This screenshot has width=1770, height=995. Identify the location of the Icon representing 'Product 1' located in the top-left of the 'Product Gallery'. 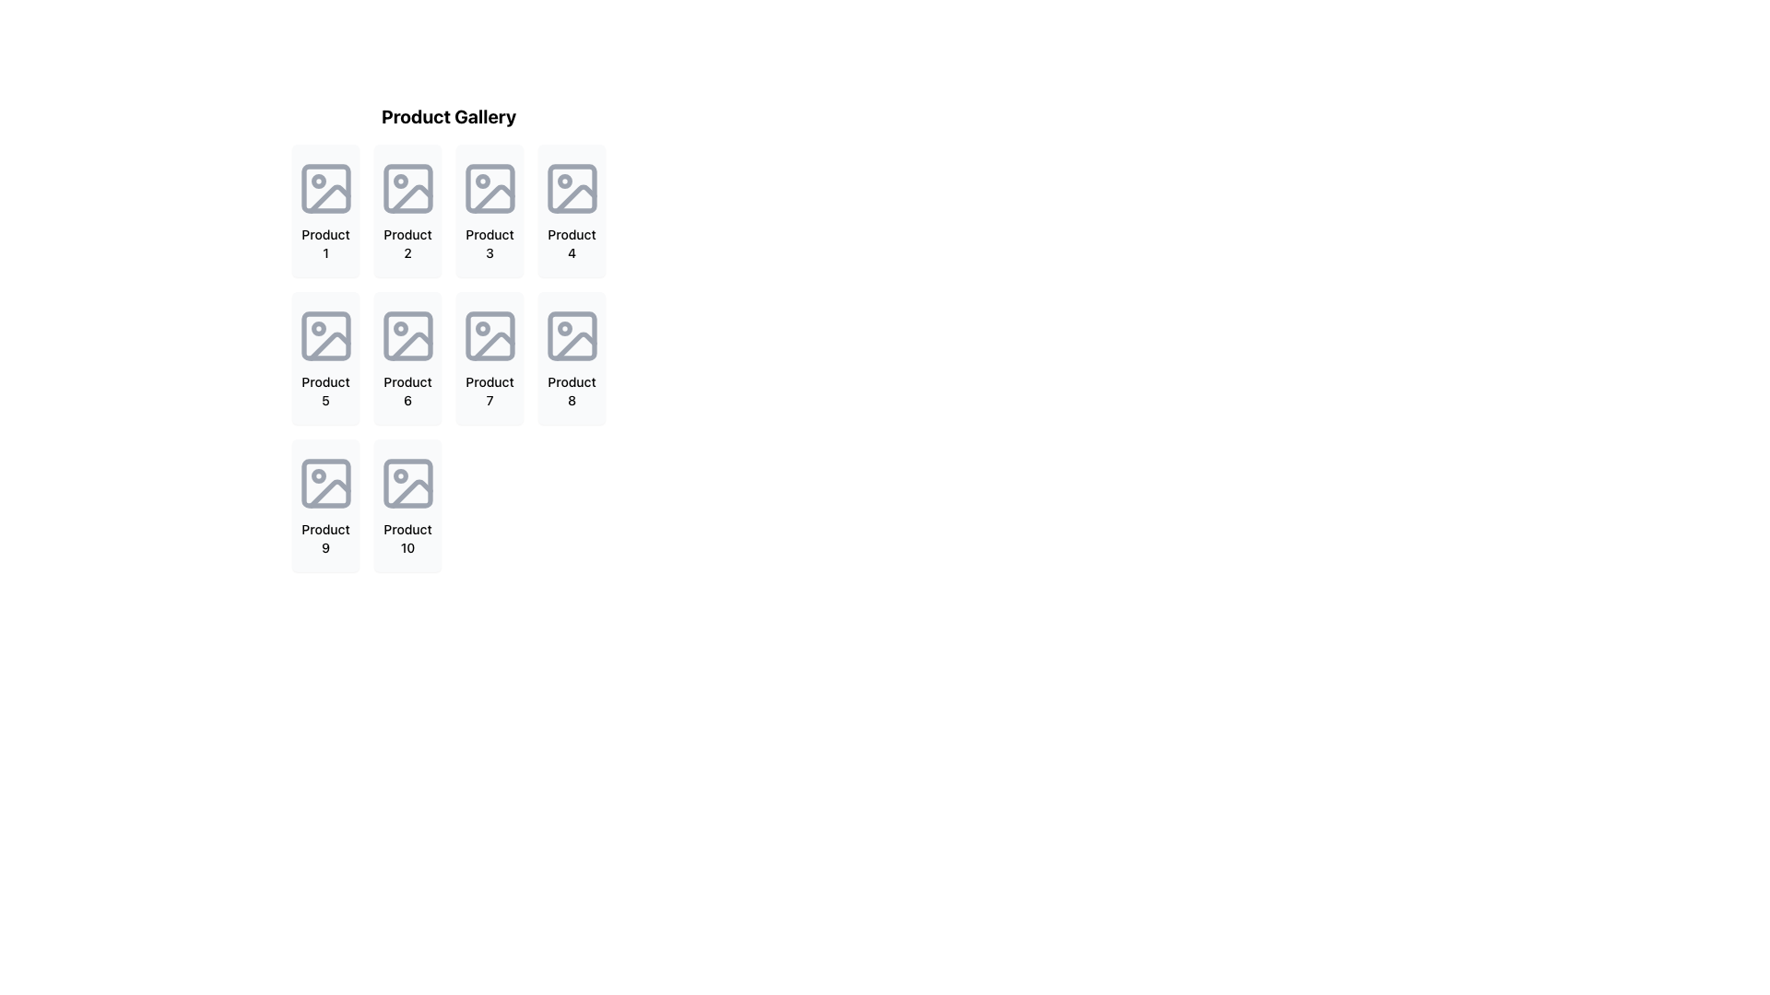
(325, 188).